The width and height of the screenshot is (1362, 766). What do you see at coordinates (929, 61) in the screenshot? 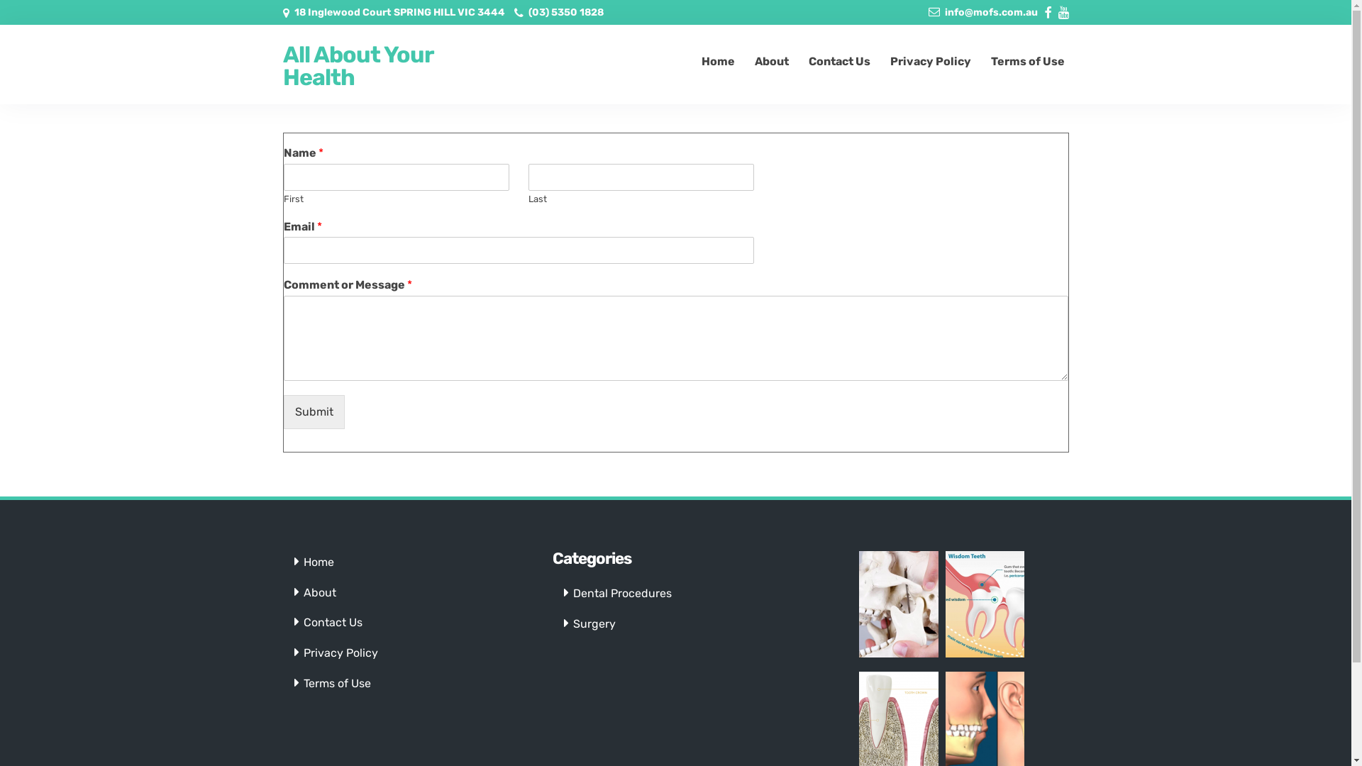
I see `'Privacy Policy'` at bounding box center [929, 61].